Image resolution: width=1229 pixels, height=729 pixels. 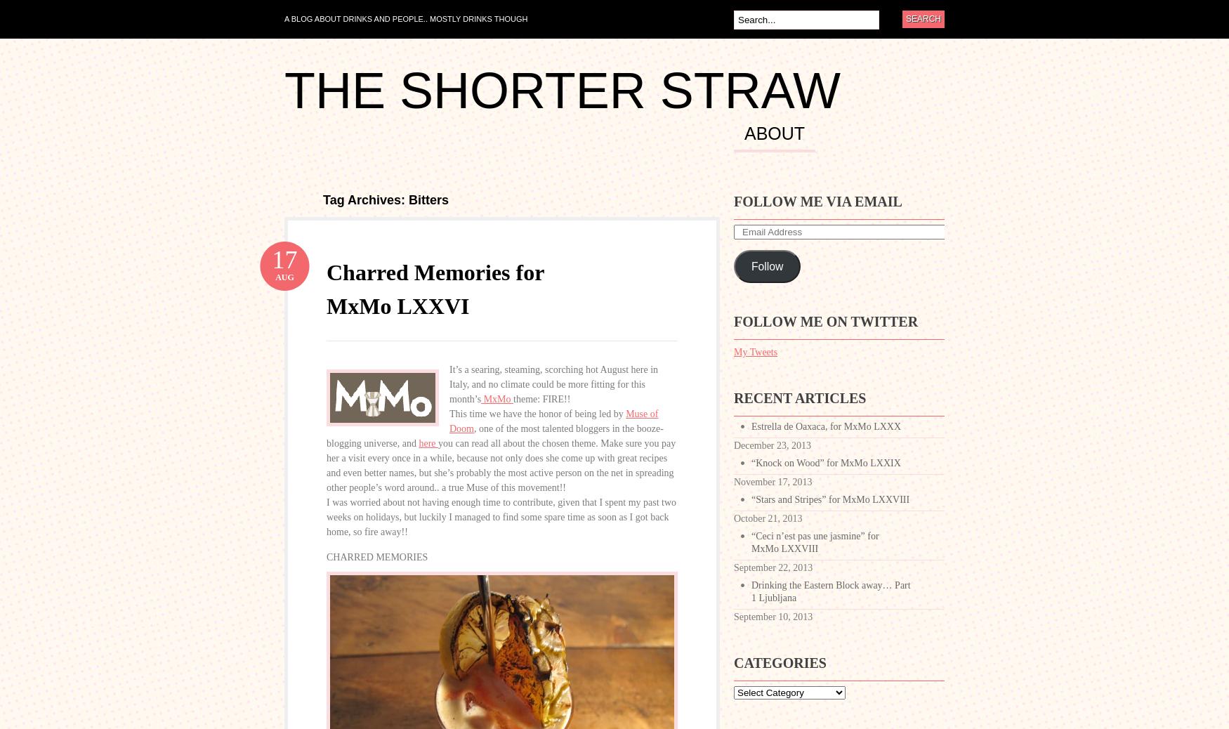 I want to click on '“Ceci n’est pas une jasmine” for MxMo LXXVIII', so click(x=814, y=541).